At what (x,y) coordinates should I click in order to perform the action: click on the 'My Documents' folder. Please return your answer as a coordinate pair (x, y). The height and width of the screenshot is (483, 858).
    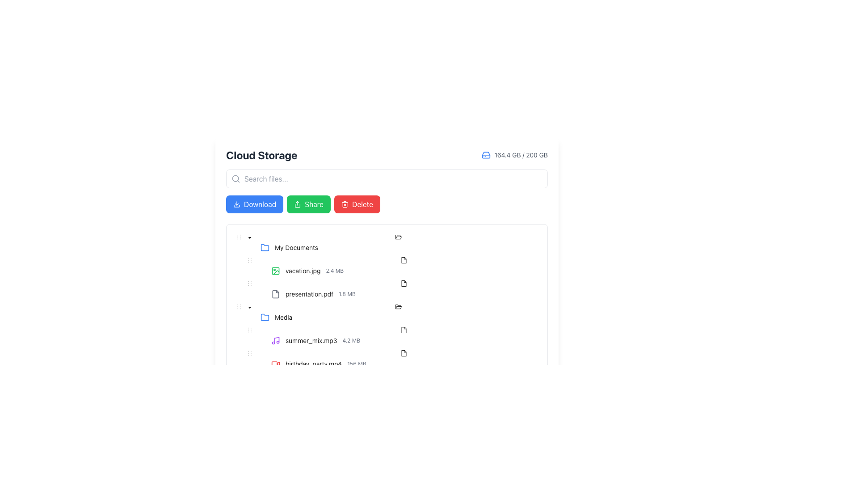
    Looking at the image, I should click on (387, 242).